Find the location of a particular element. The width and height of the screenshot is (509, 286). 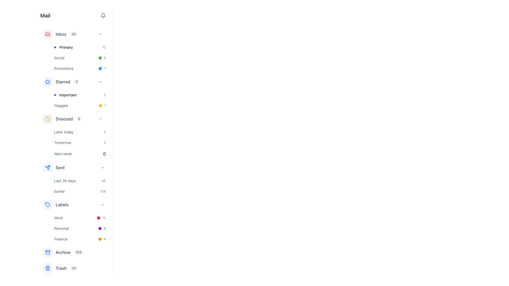

the static text label displaying the number '12' that indicates a notification or status value associated with the 'Primary' category, positioned at the far right of its row is located at coordinates (104, 47).